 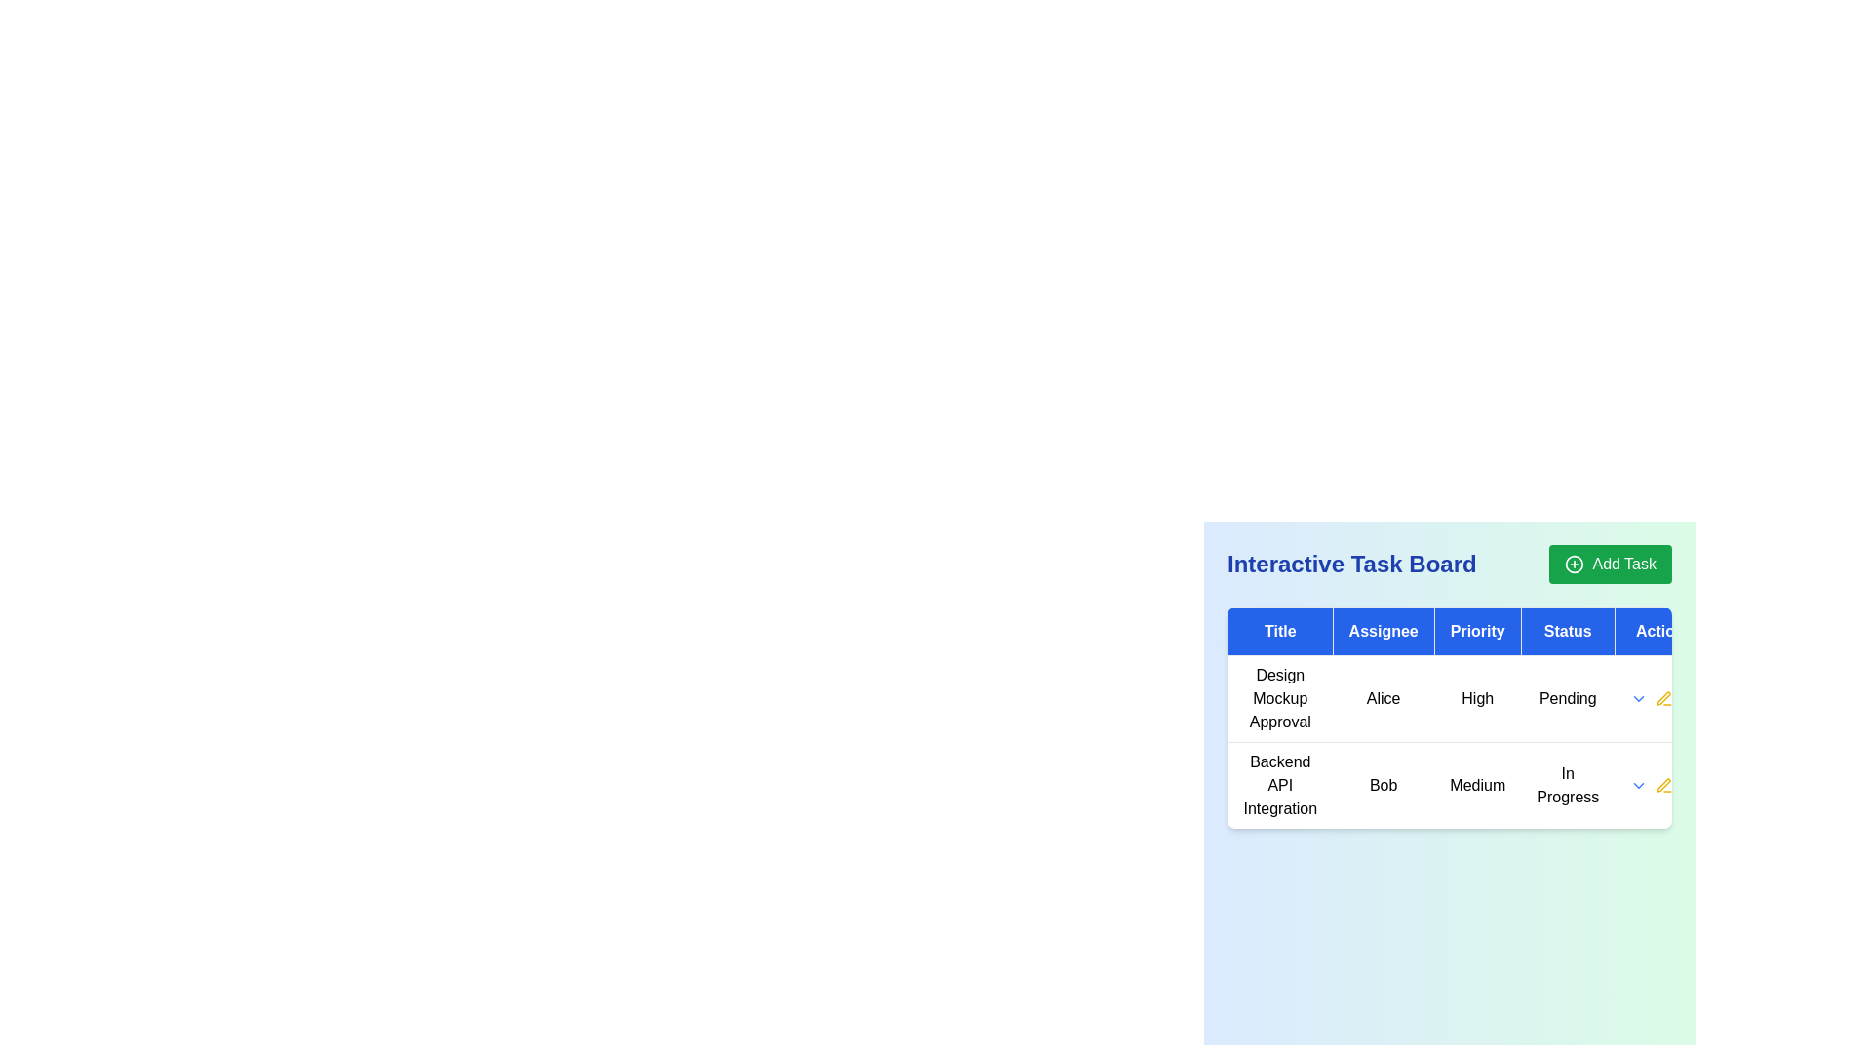 What do you see at coordinates (1470, 632) in the screenshot?
I see `text content of the third header cell in the table, which labels the priority level of tasks` at bounding box center [1470, 632].